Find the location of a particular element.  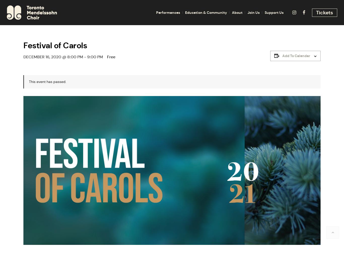

'Singsation' is located at coordinates (197, 44).